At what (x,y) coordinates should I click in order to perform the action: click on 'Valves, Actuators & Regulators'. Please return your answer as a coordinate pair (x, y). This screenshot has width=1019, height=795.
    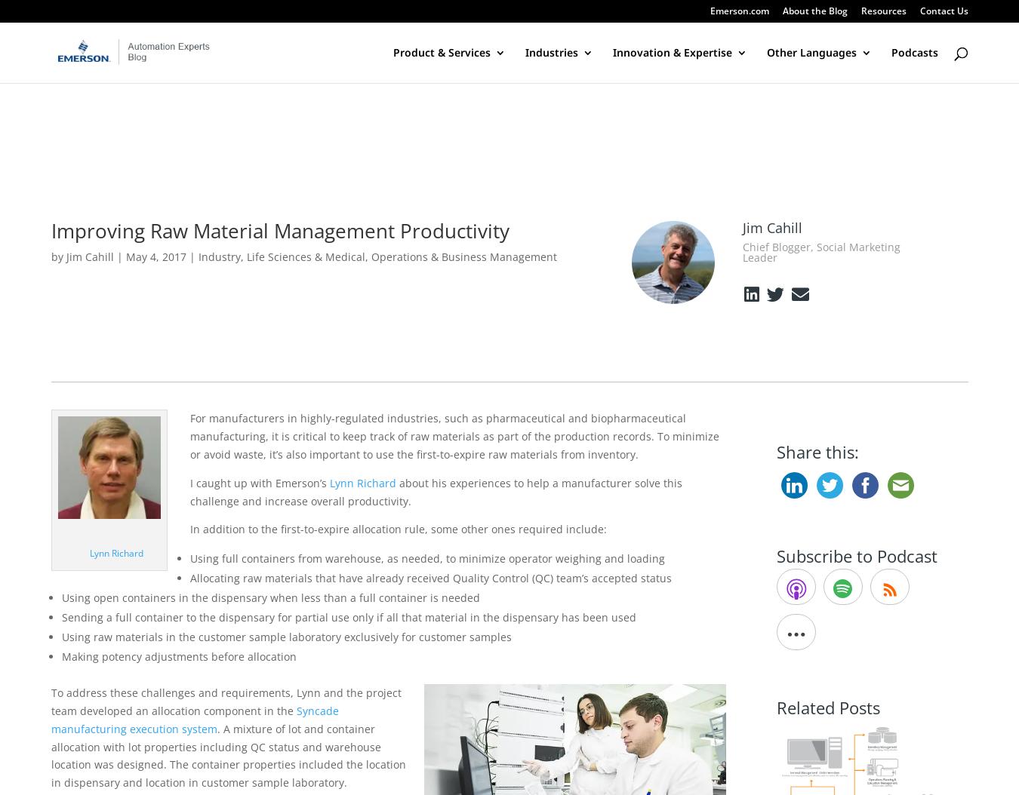
    Looking at the image, I should click on (368, 116).